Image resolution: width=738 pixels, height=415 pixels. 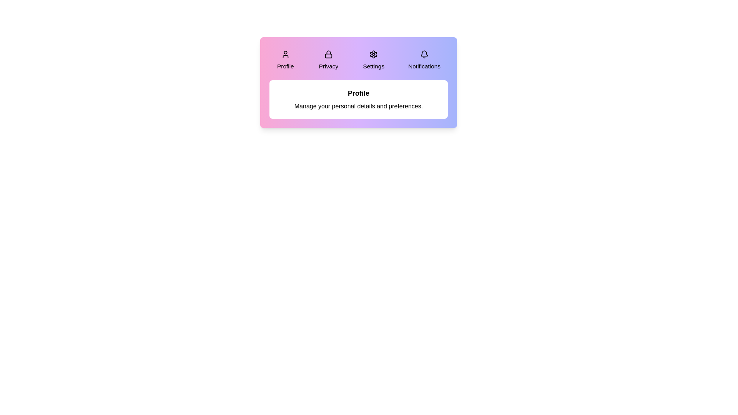 What do you see at coordinates (424, 60) in the screenshot?
I see `the Notifications tab by clicking on it` at bounding box center [424, 60].